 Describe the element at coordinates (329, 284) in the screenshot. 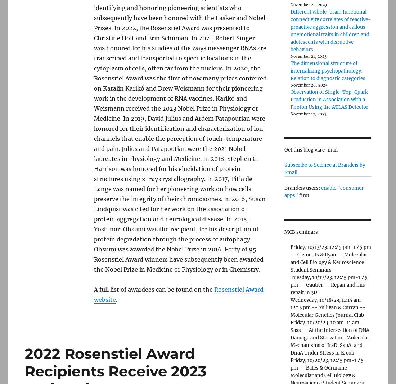

I see `'Tuesday, 10/17/23, 12:45 pm-1:45 pm -- Gautier -- Repair and mis-repair in 3D'` at that location.